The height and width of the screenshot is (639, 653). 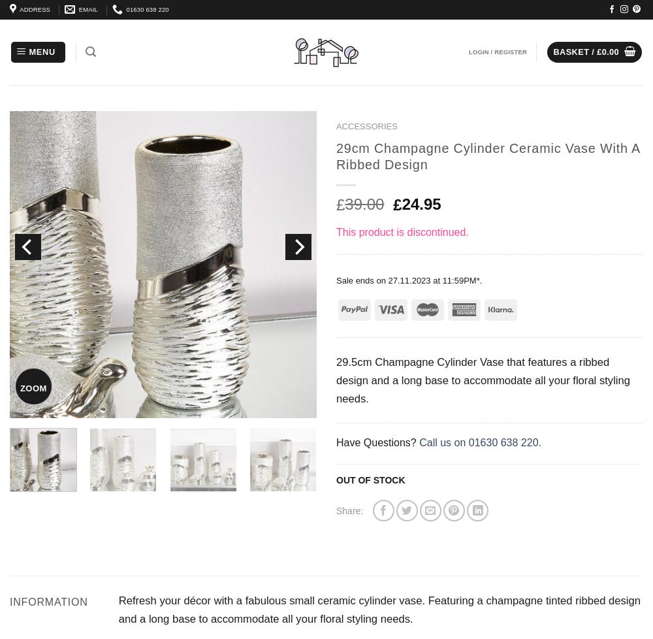 I want to click on 'ADDRESS', so click(x=35, y=9).